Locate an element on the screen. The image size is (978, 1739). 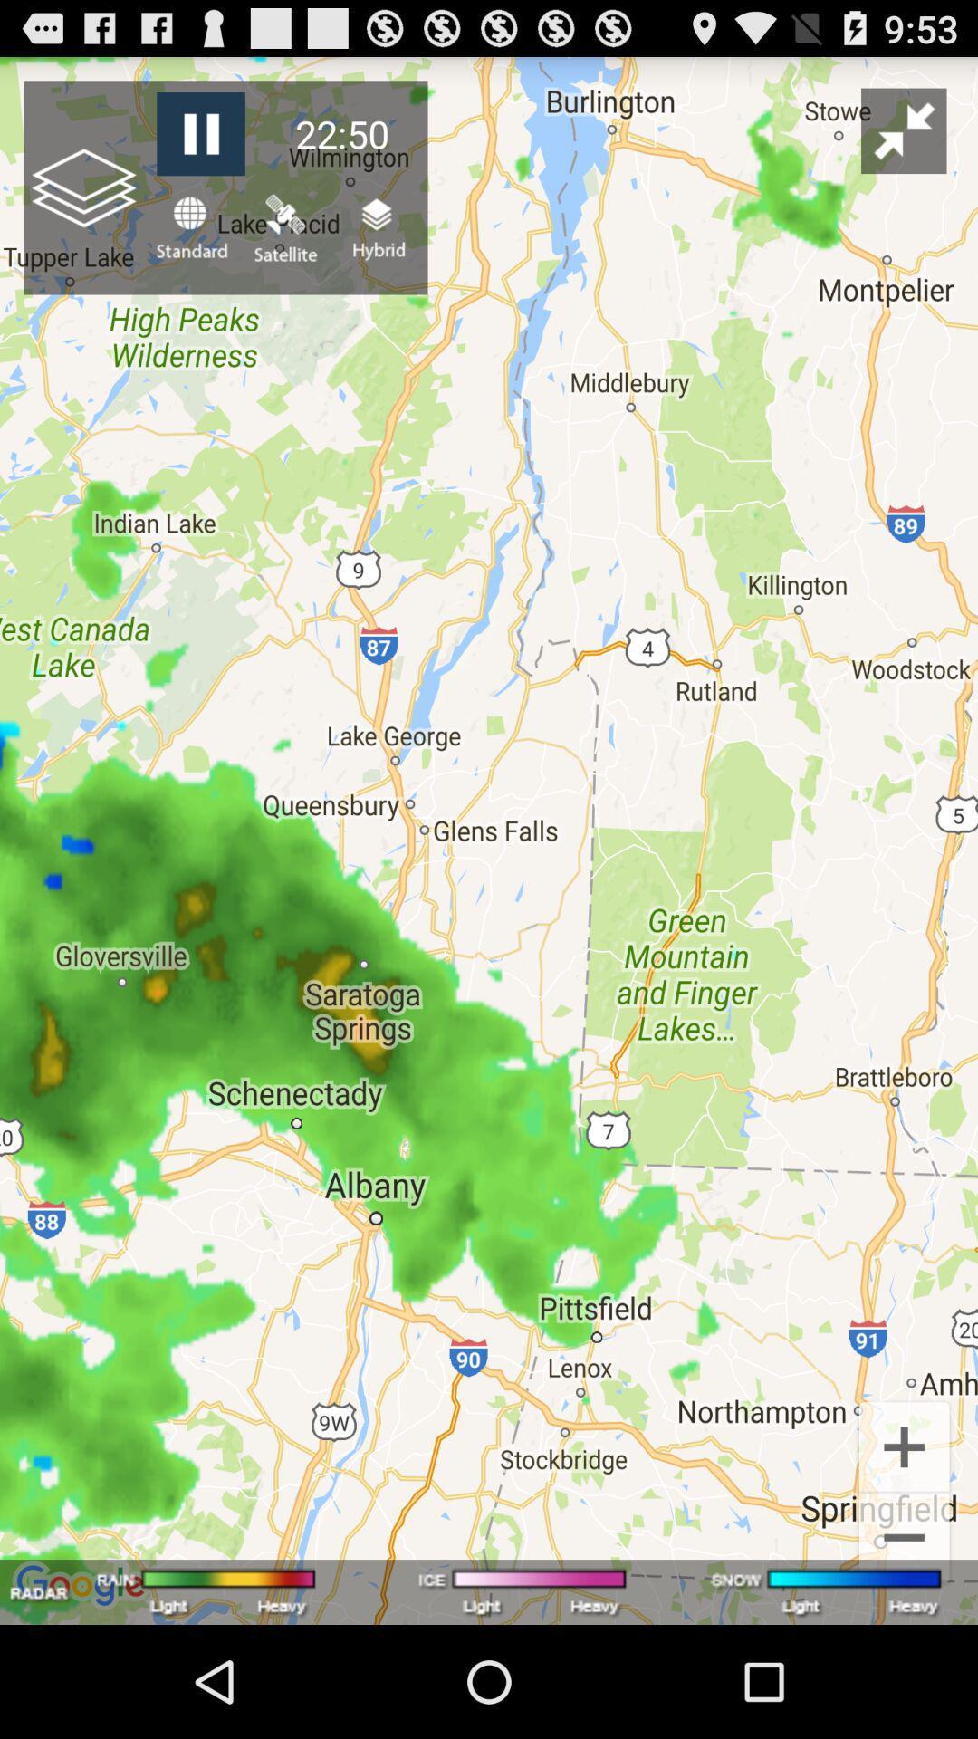
the icon to the right of the 22:50 item is located at coordinates (904, 130).